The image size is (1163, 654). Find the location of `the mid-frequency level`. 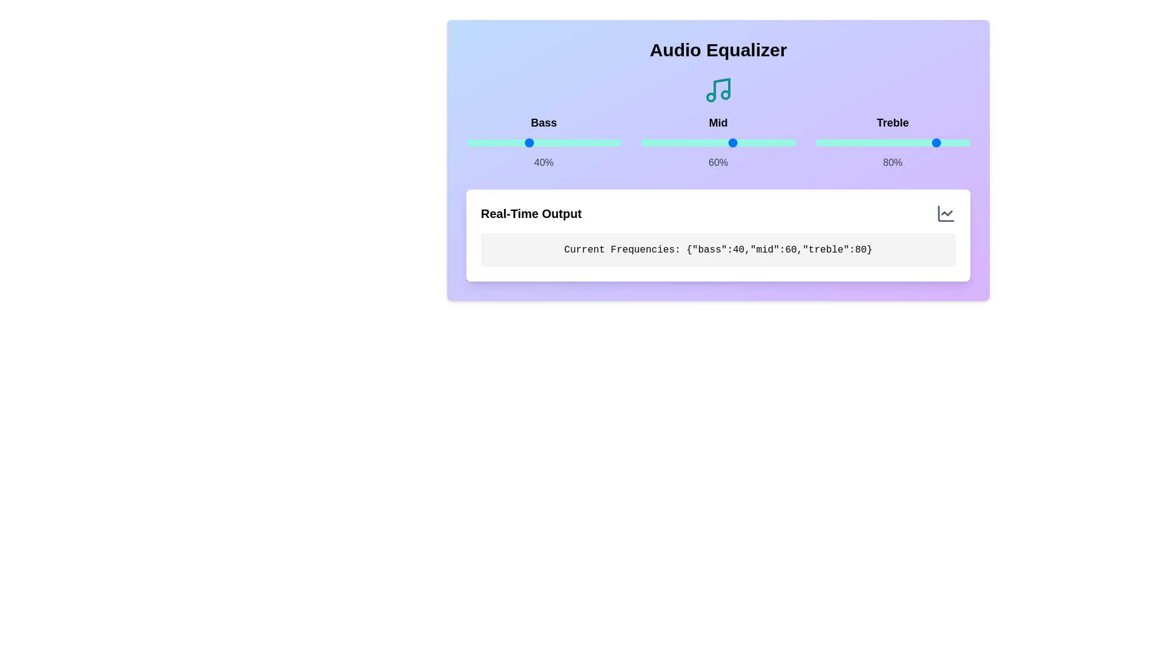

the mid-frequency level is located at coordinates (794, 142).